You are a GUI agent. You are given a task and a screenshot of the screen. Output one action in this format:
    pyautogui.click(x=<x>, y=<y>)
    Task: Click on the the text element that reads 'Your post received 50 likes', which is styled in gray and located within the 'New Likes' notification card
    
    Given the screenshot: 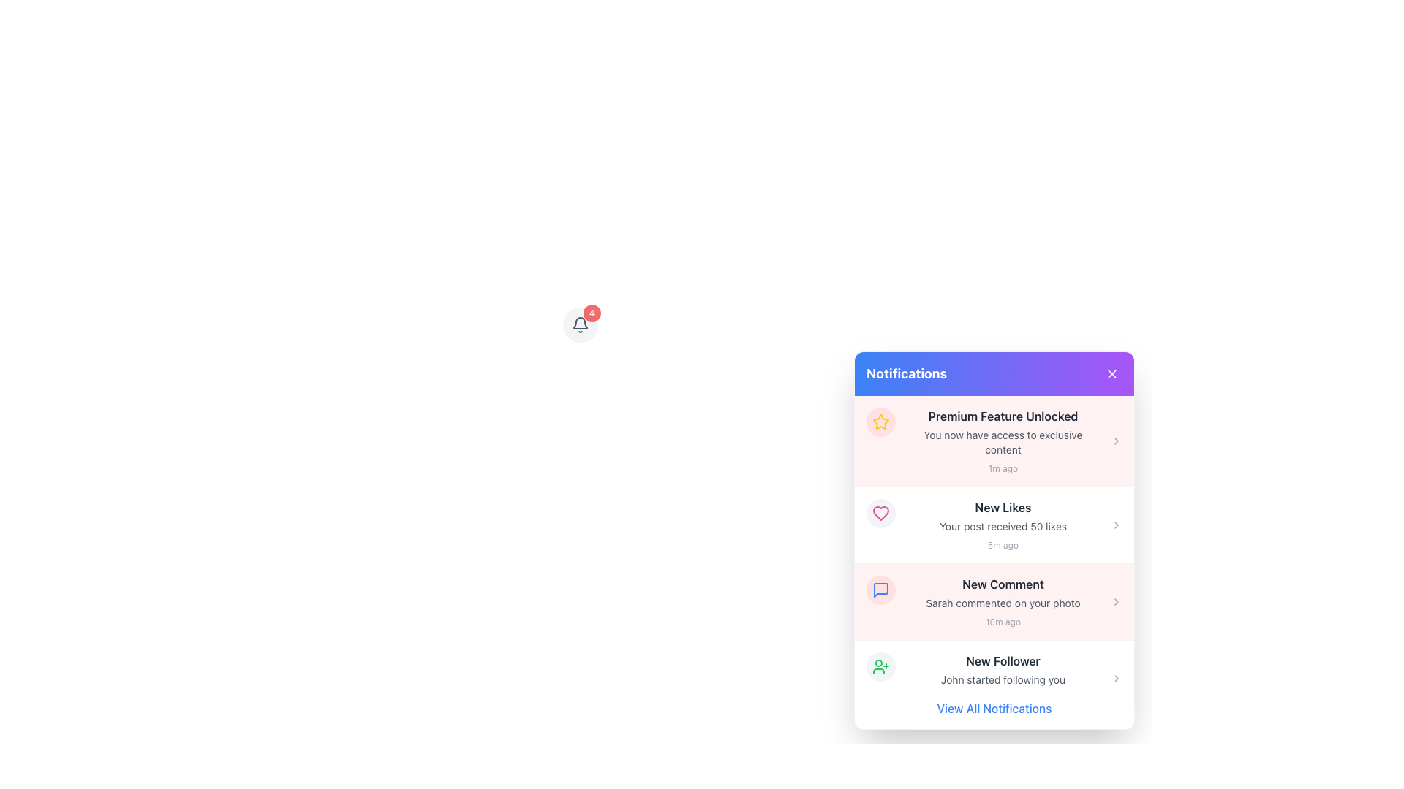 What is the action you would take?
    pyautogui.click(x=1003, y=527)
    